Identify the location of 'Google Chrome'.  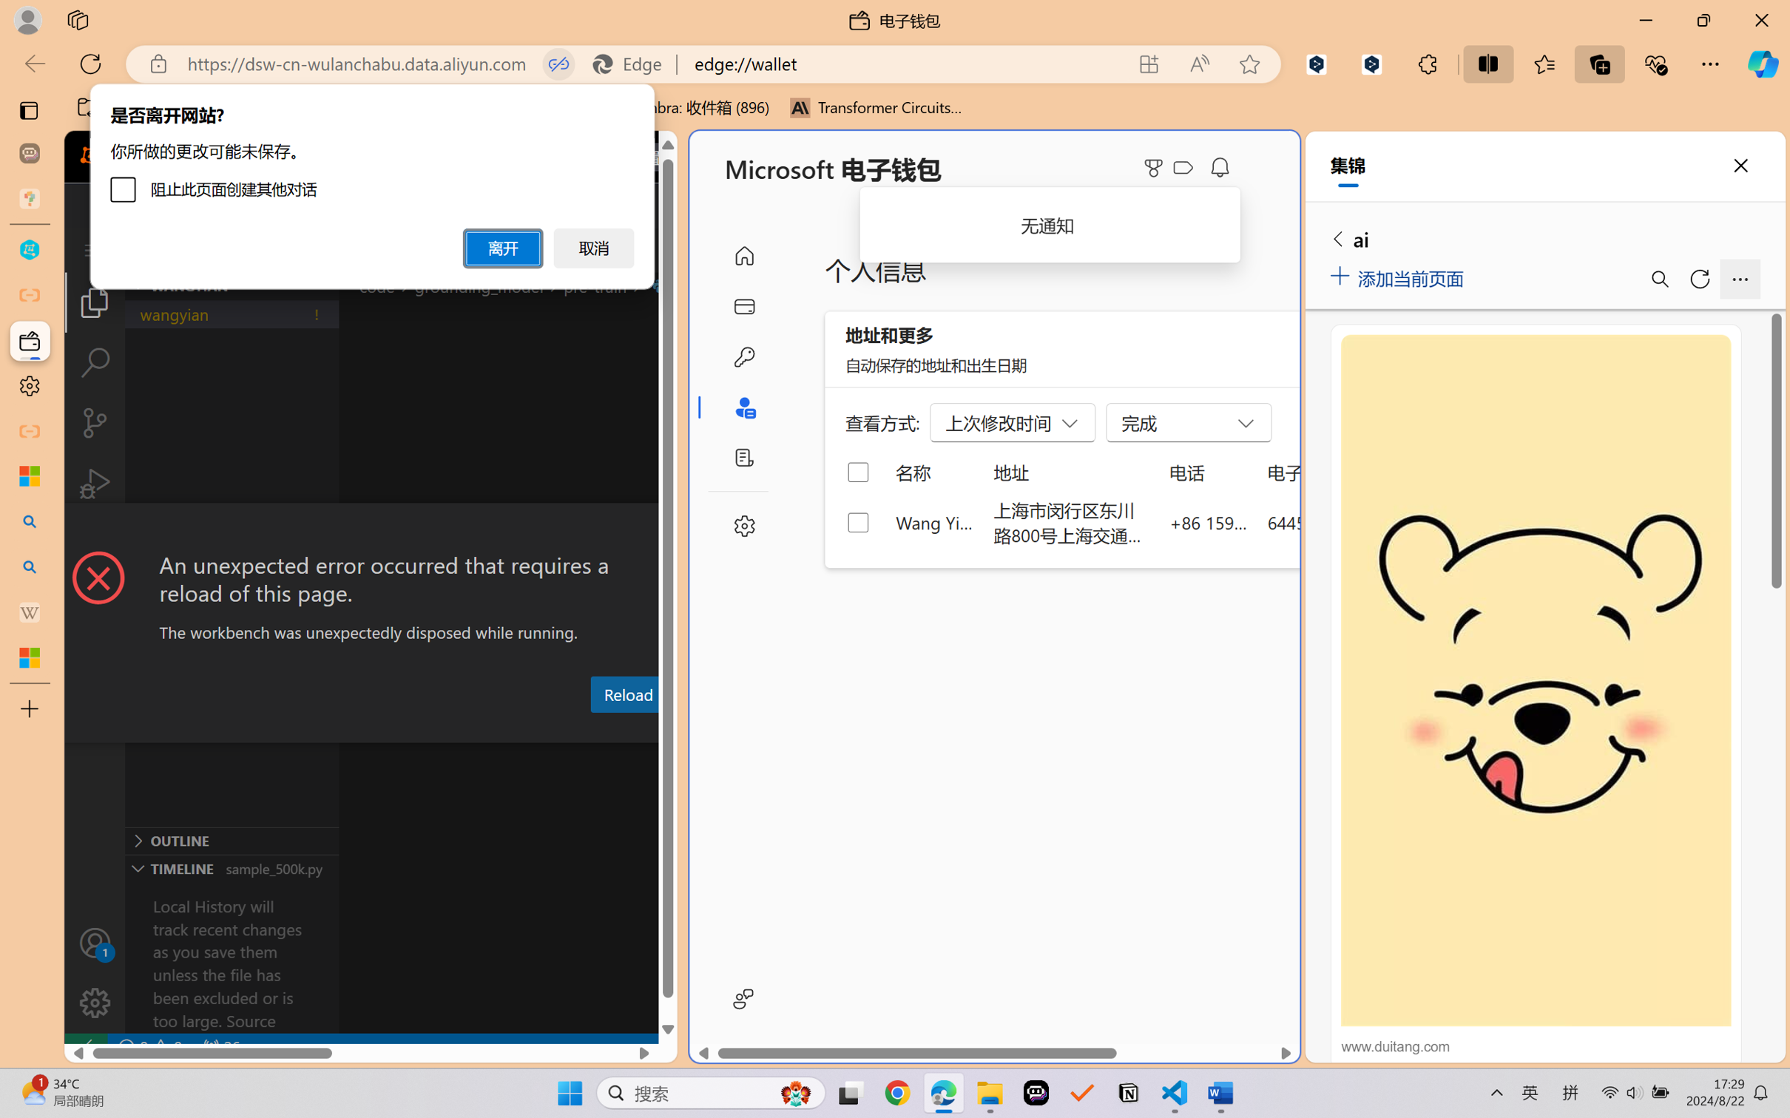
(897, 1093).